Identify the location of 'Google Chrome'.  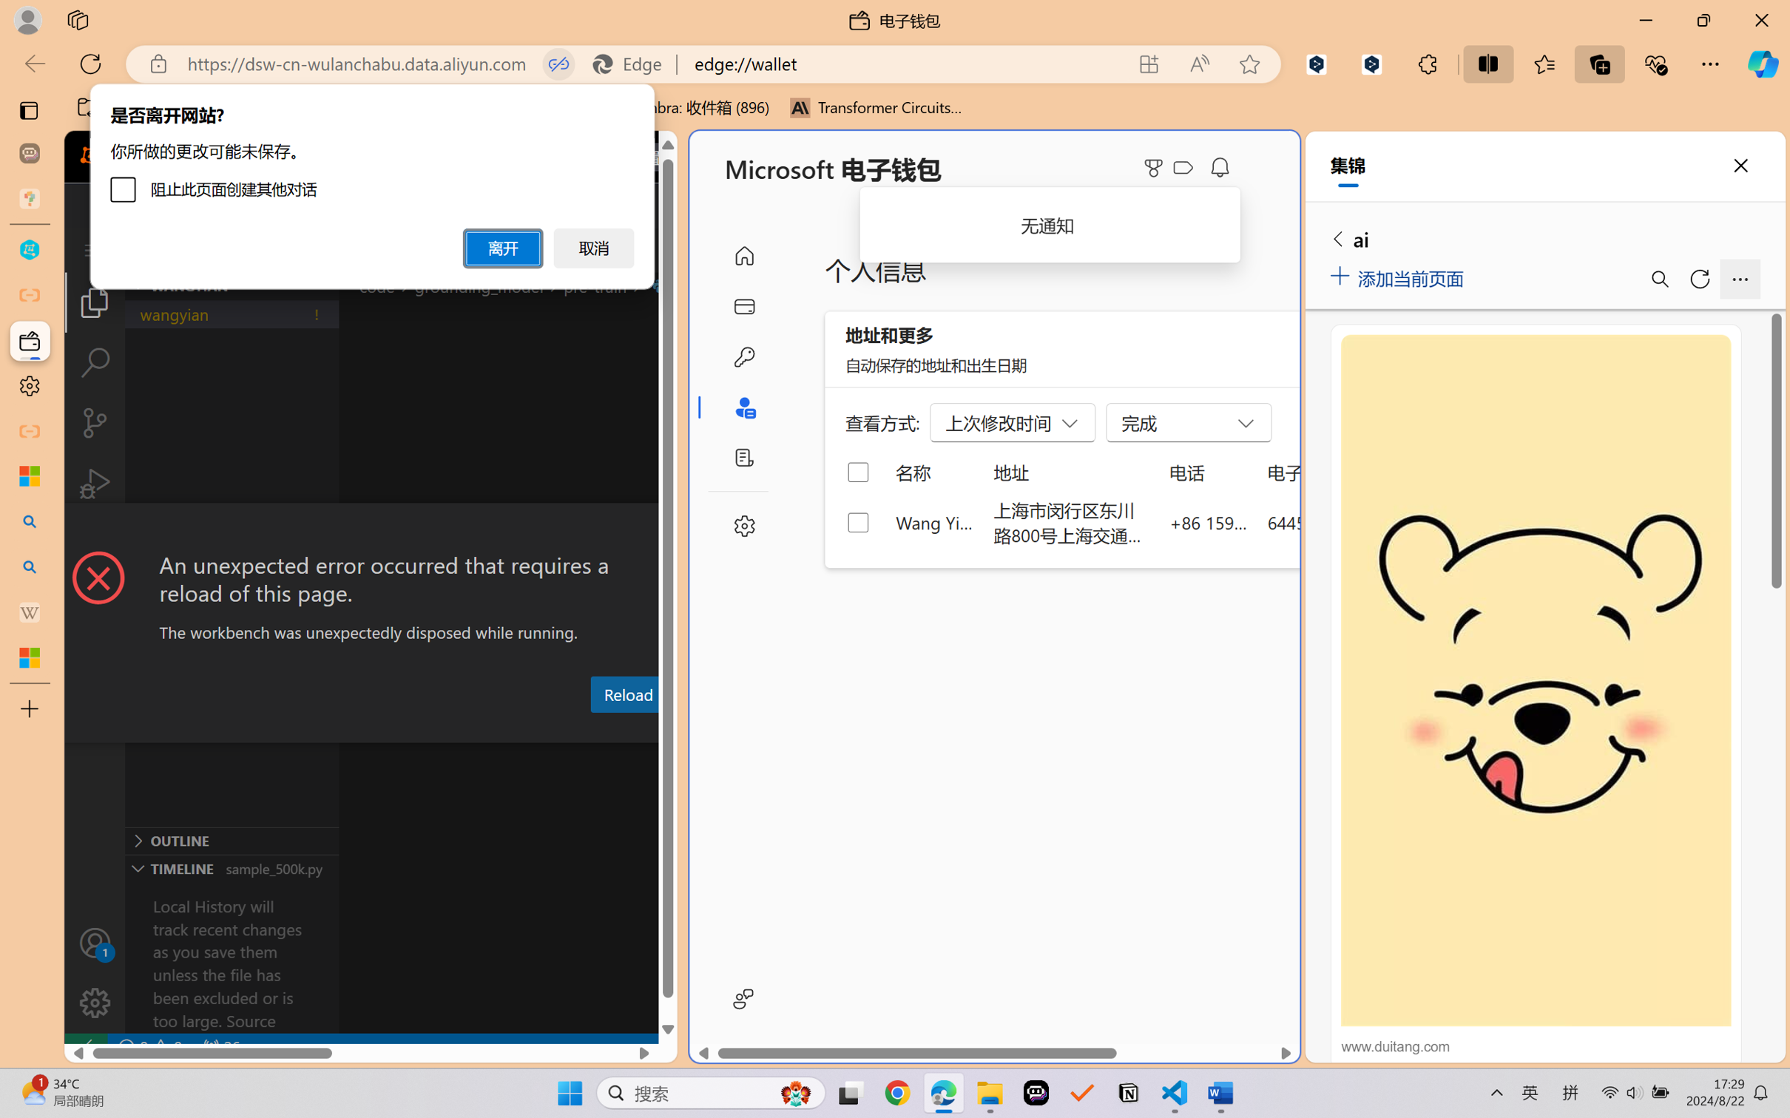
(897, 1093).